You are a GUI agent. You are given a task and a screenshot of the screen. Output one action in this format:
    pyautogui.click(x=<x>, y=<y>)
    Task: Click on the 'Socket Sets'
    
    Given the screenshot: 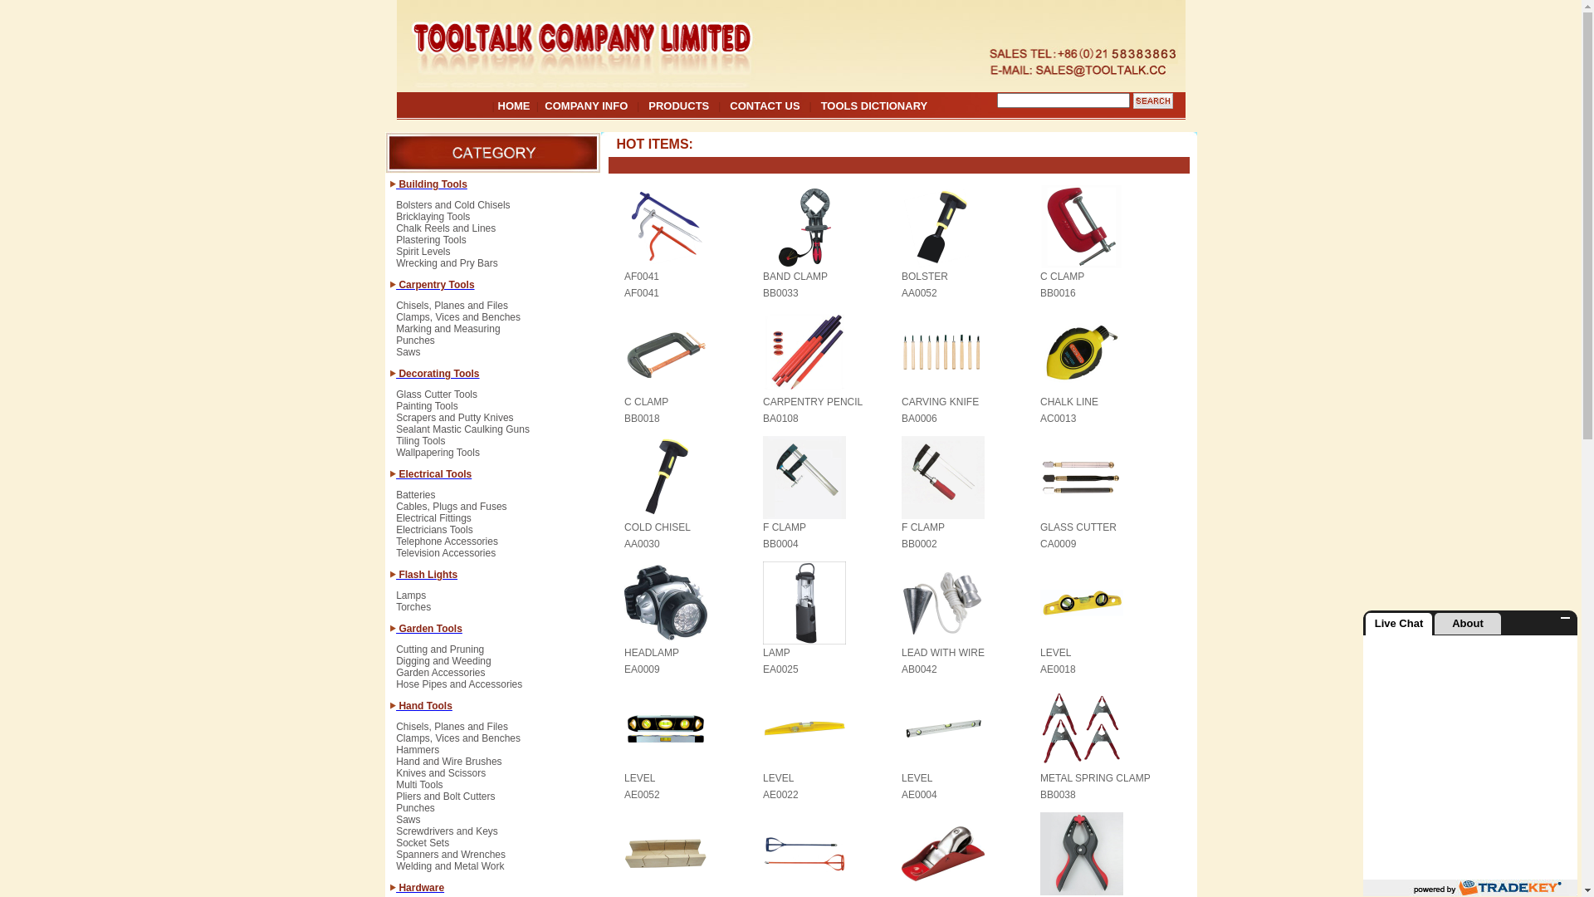 What is the action you would take?
    pyautogui.click(x=422, y=849)
    